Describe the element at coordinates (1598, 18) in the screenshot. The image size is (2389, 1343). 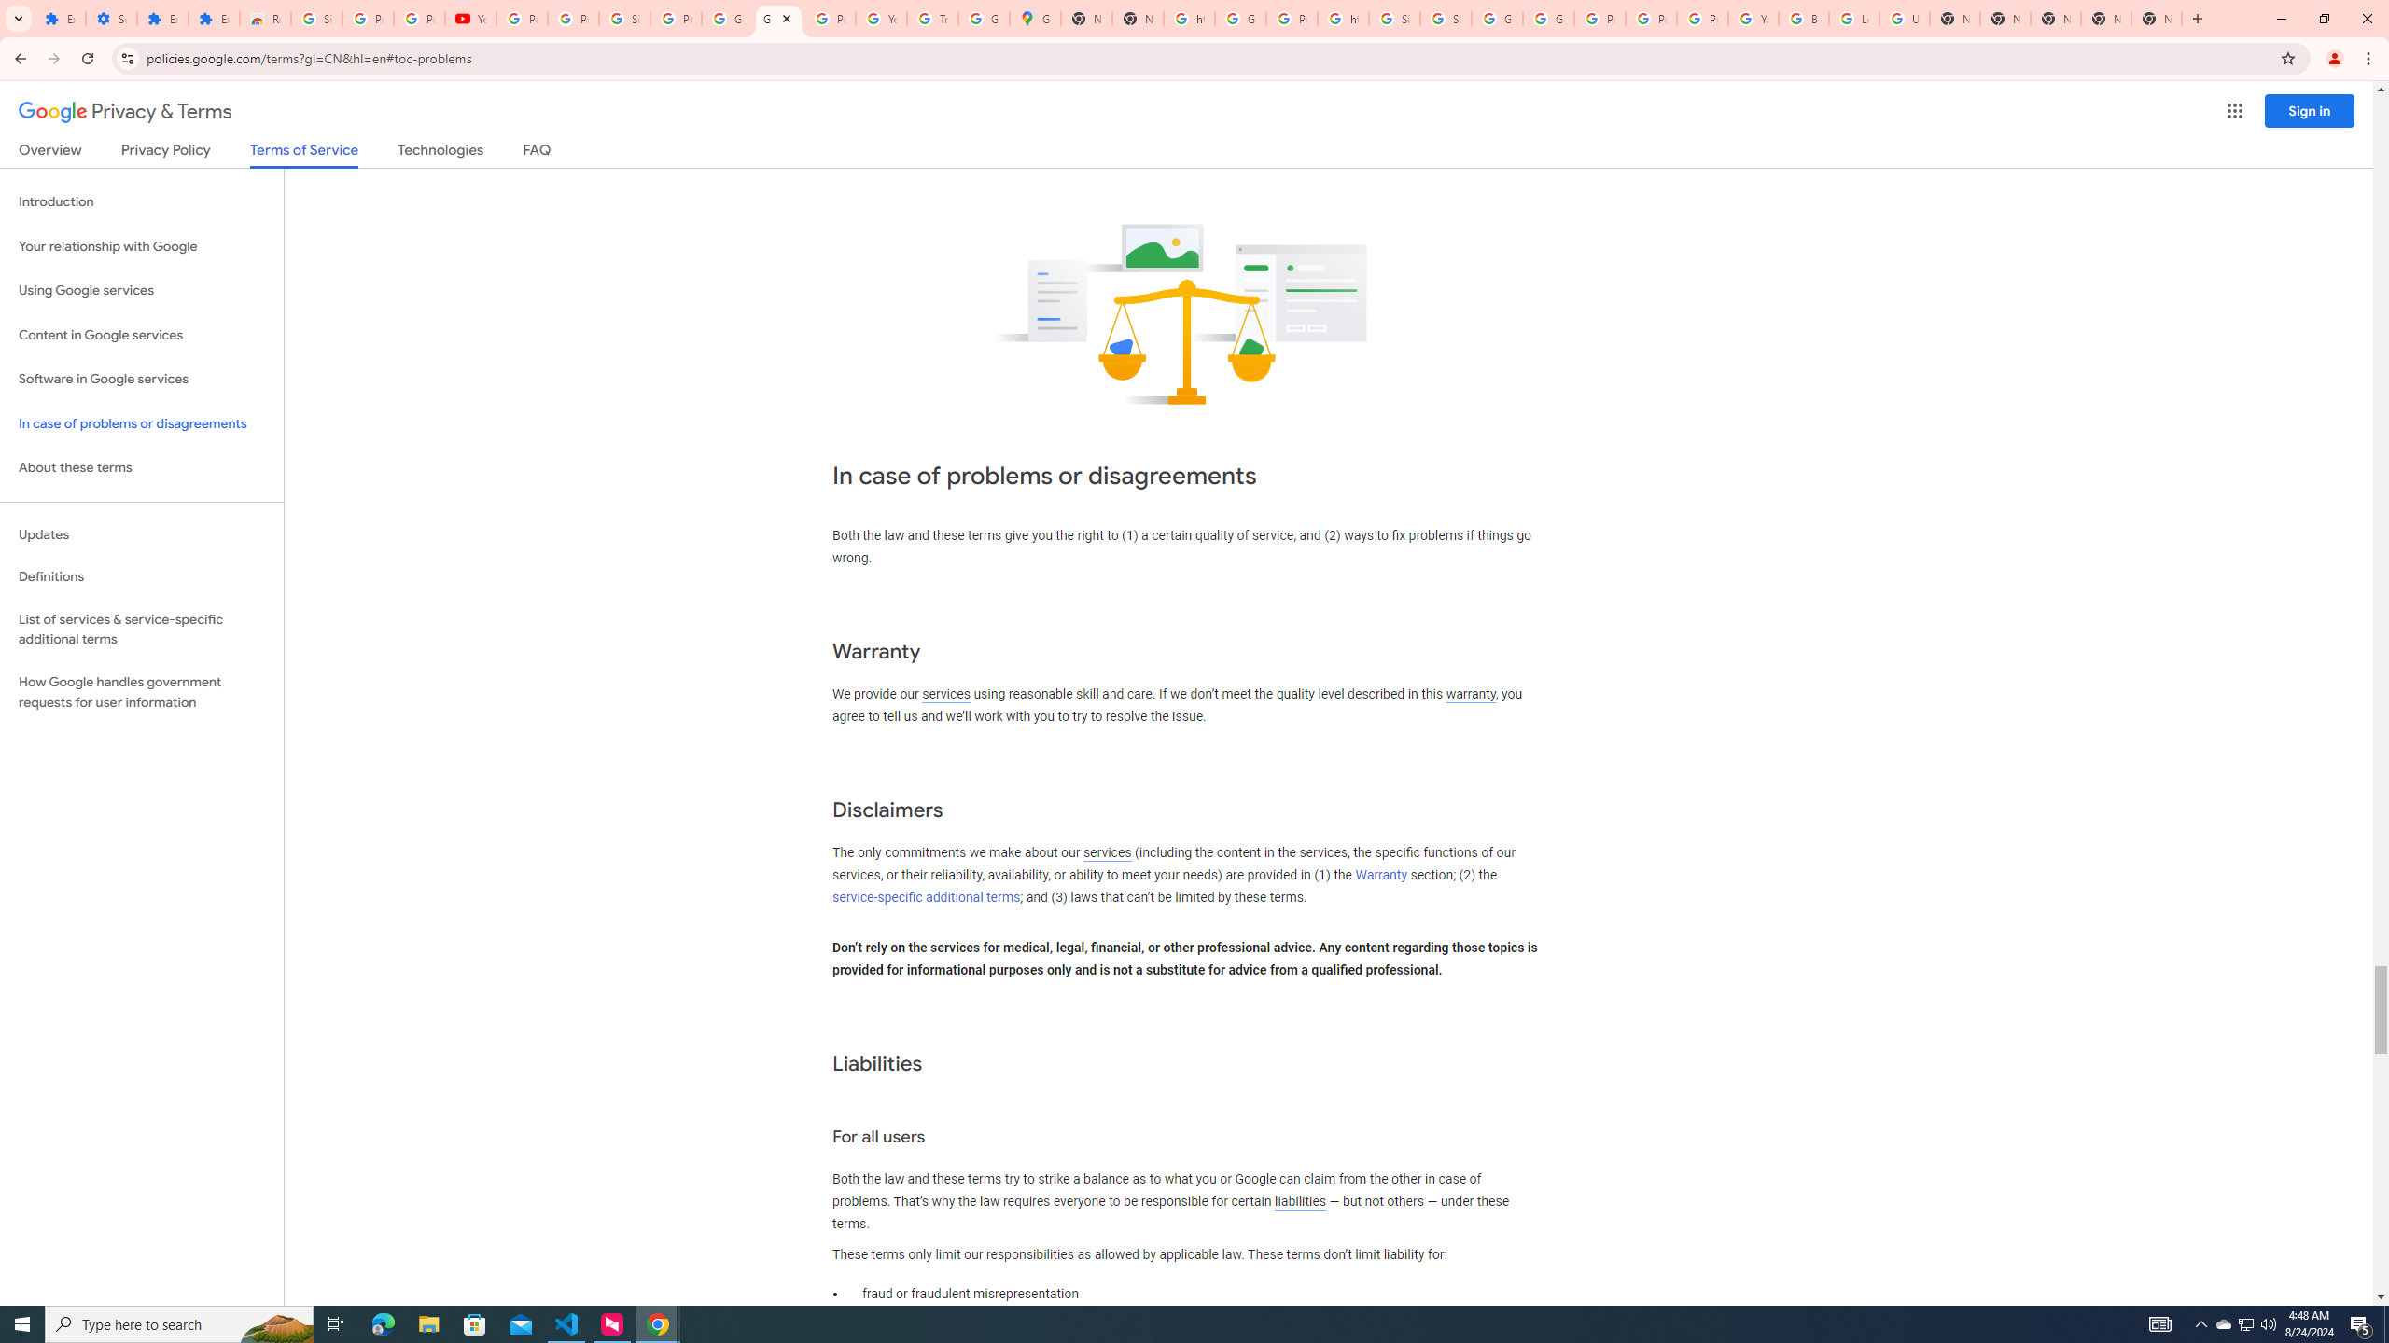
I see `'Privacy Help Center - Policies Help'` at that location.